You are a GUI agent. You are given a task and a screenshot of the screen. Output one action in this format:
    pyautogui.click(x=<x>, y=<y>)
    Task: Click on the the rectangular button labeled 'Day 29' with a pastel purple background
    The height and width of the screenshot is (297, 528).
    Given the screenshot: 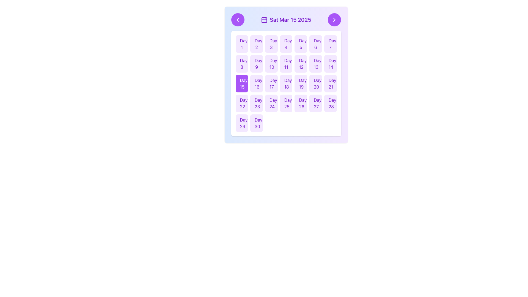 What is the action you would take?
    pyautogui.click(x=242, y=123)
    